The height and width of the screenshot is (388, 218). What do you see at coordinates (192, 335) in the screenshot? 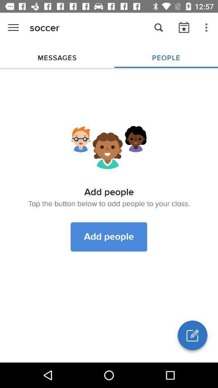
I see `the image at bottom right corner of the page` at bounding box center [192, 335].